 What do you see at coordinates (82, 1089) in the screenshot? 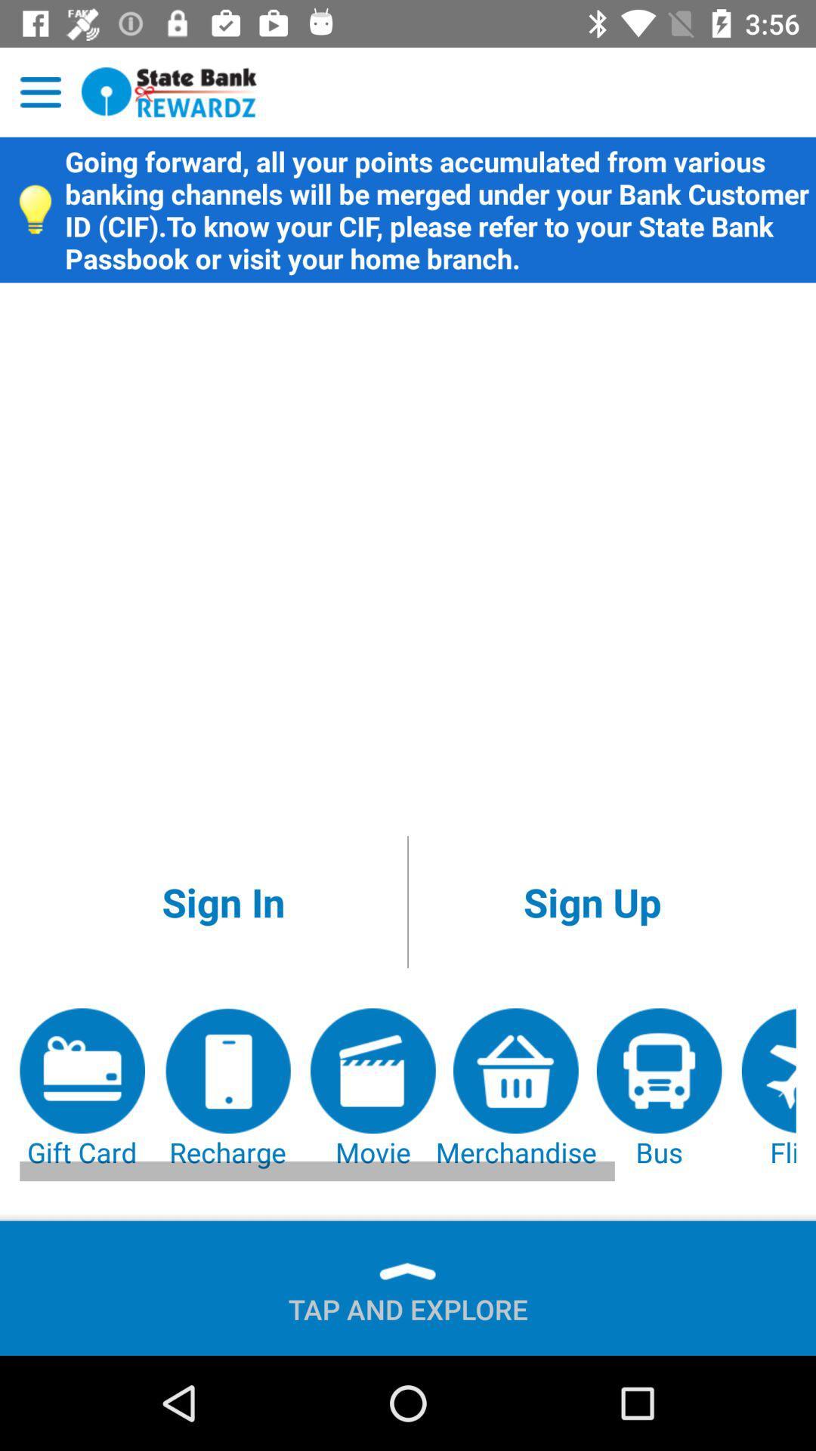
I see `gift card app` at bounding box center [82, 1089].